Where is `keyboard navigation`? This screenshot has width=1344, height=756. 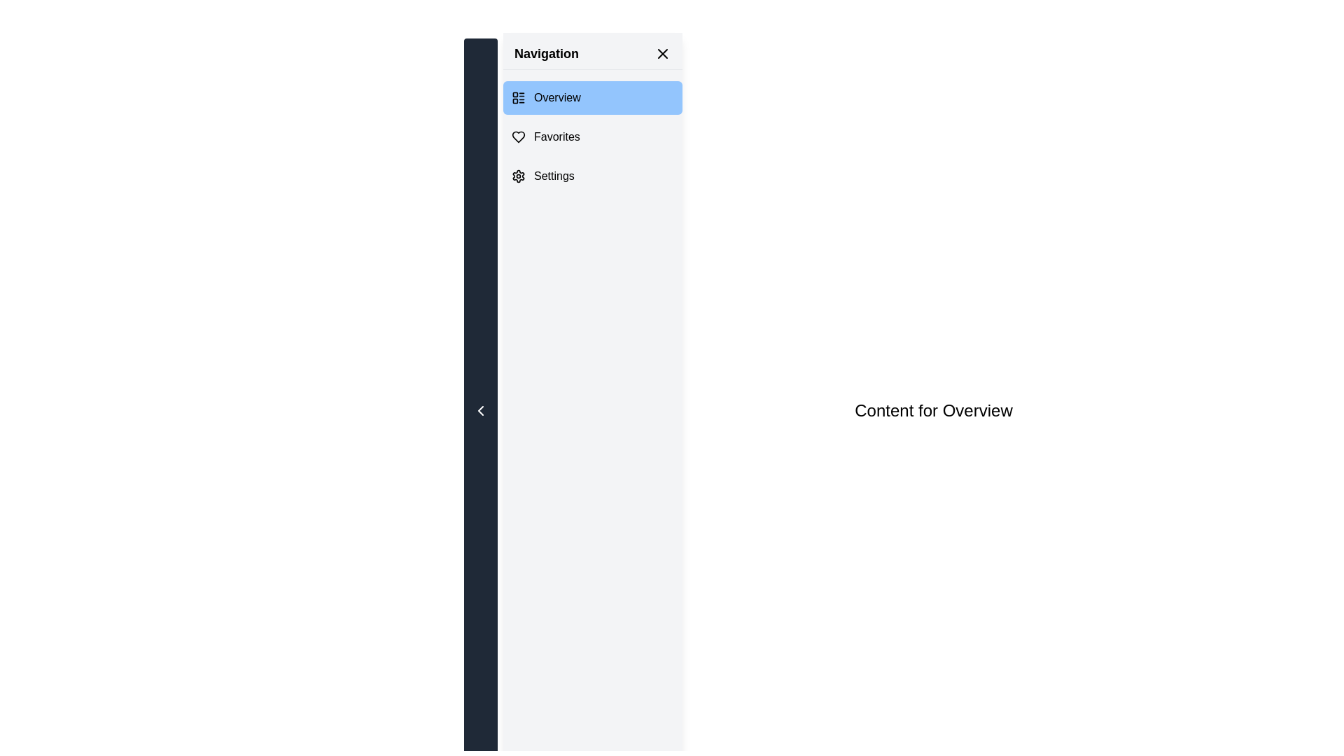 keyboard navigation is located at coordinates (592, 137).